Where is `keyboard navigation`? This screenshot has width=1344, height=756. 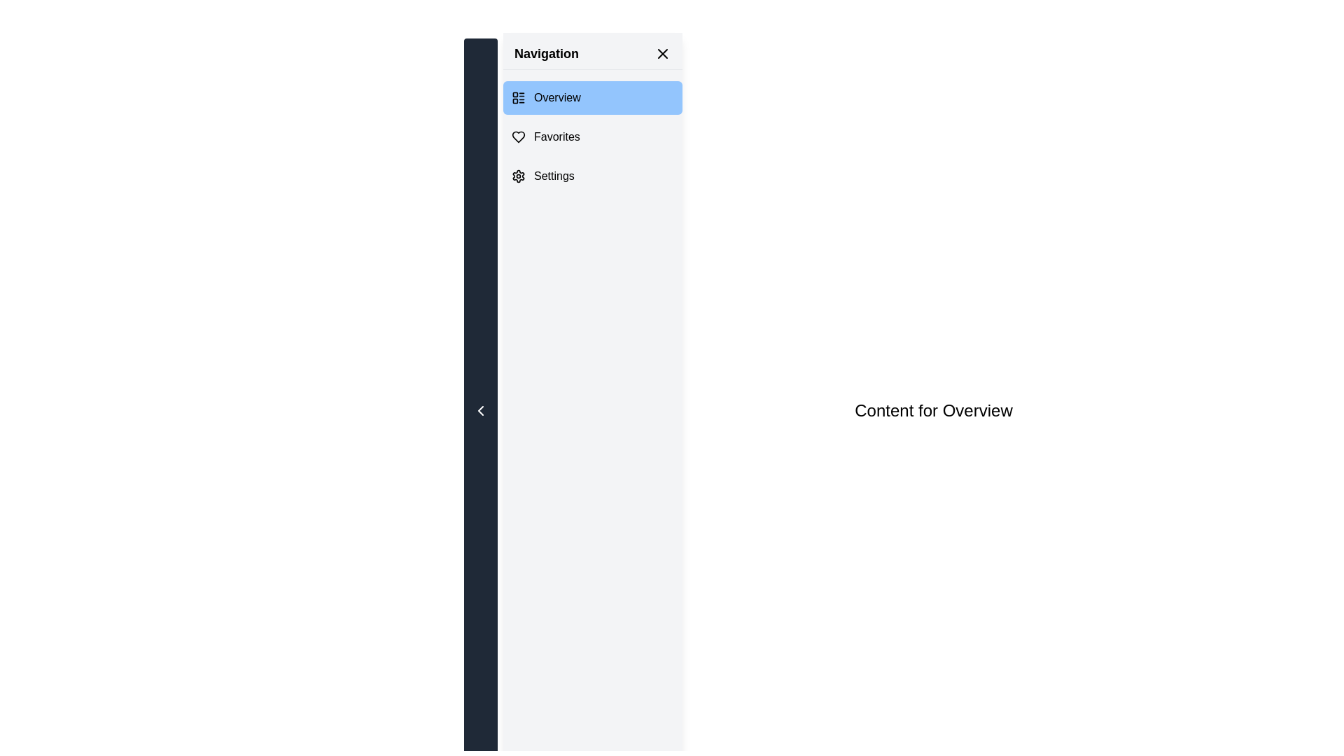 keyboard navigation is located at coordinates (592, 137).